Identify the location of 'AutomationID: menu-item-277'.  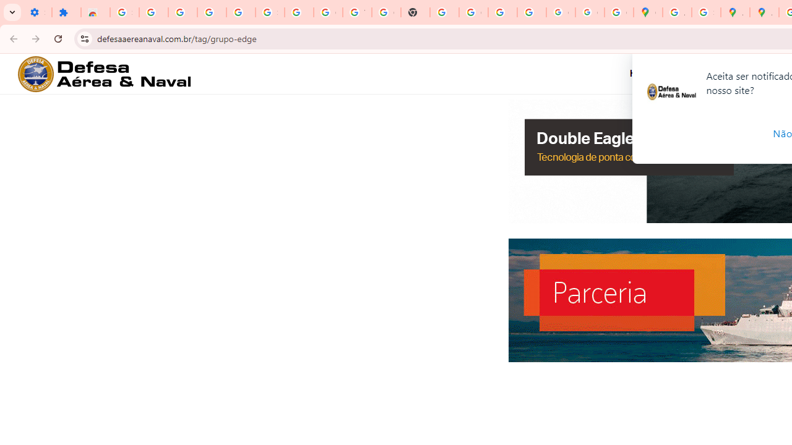
(651, 74).